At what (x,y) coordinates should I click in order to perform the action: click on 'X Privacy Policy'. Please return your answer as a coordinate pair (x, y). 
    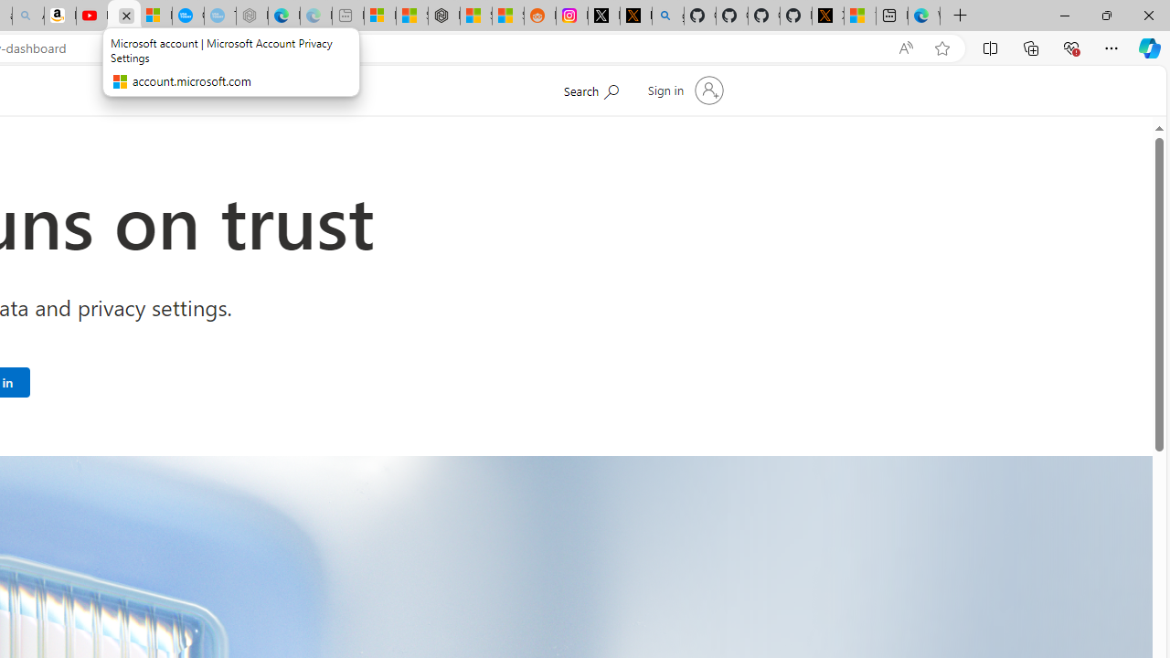
    Looking at the image, I should click on (827, 16).